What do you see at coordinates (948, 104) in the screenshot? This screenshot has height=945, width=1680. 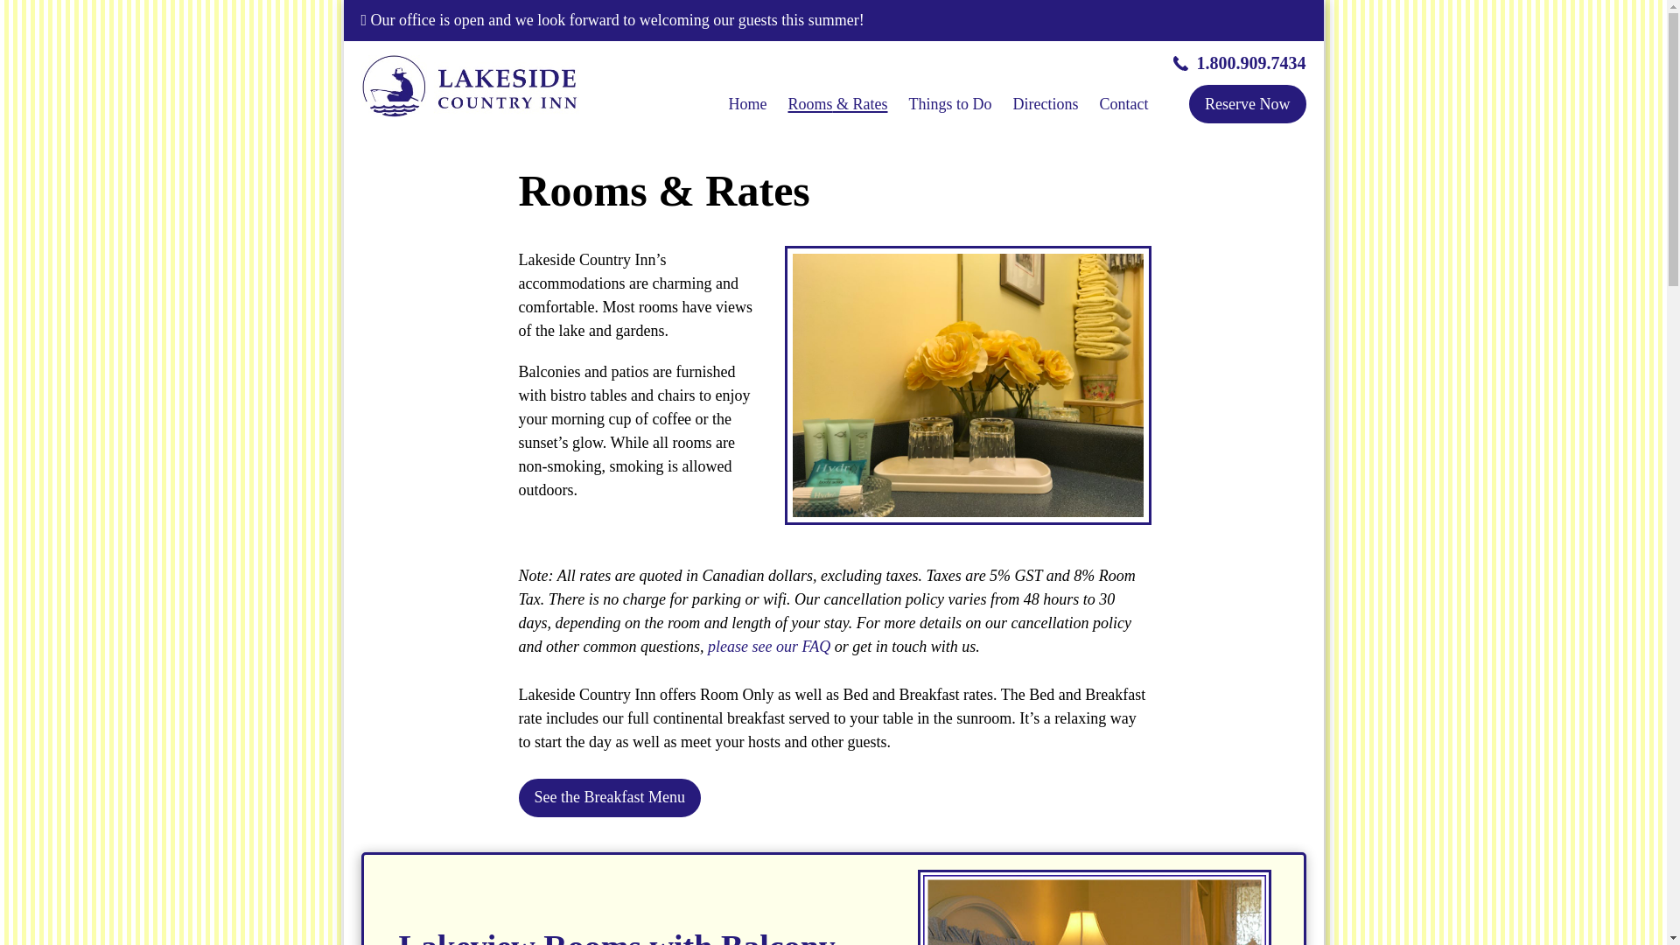 I see `'Things to Do'` at bounding box center [948, 104].